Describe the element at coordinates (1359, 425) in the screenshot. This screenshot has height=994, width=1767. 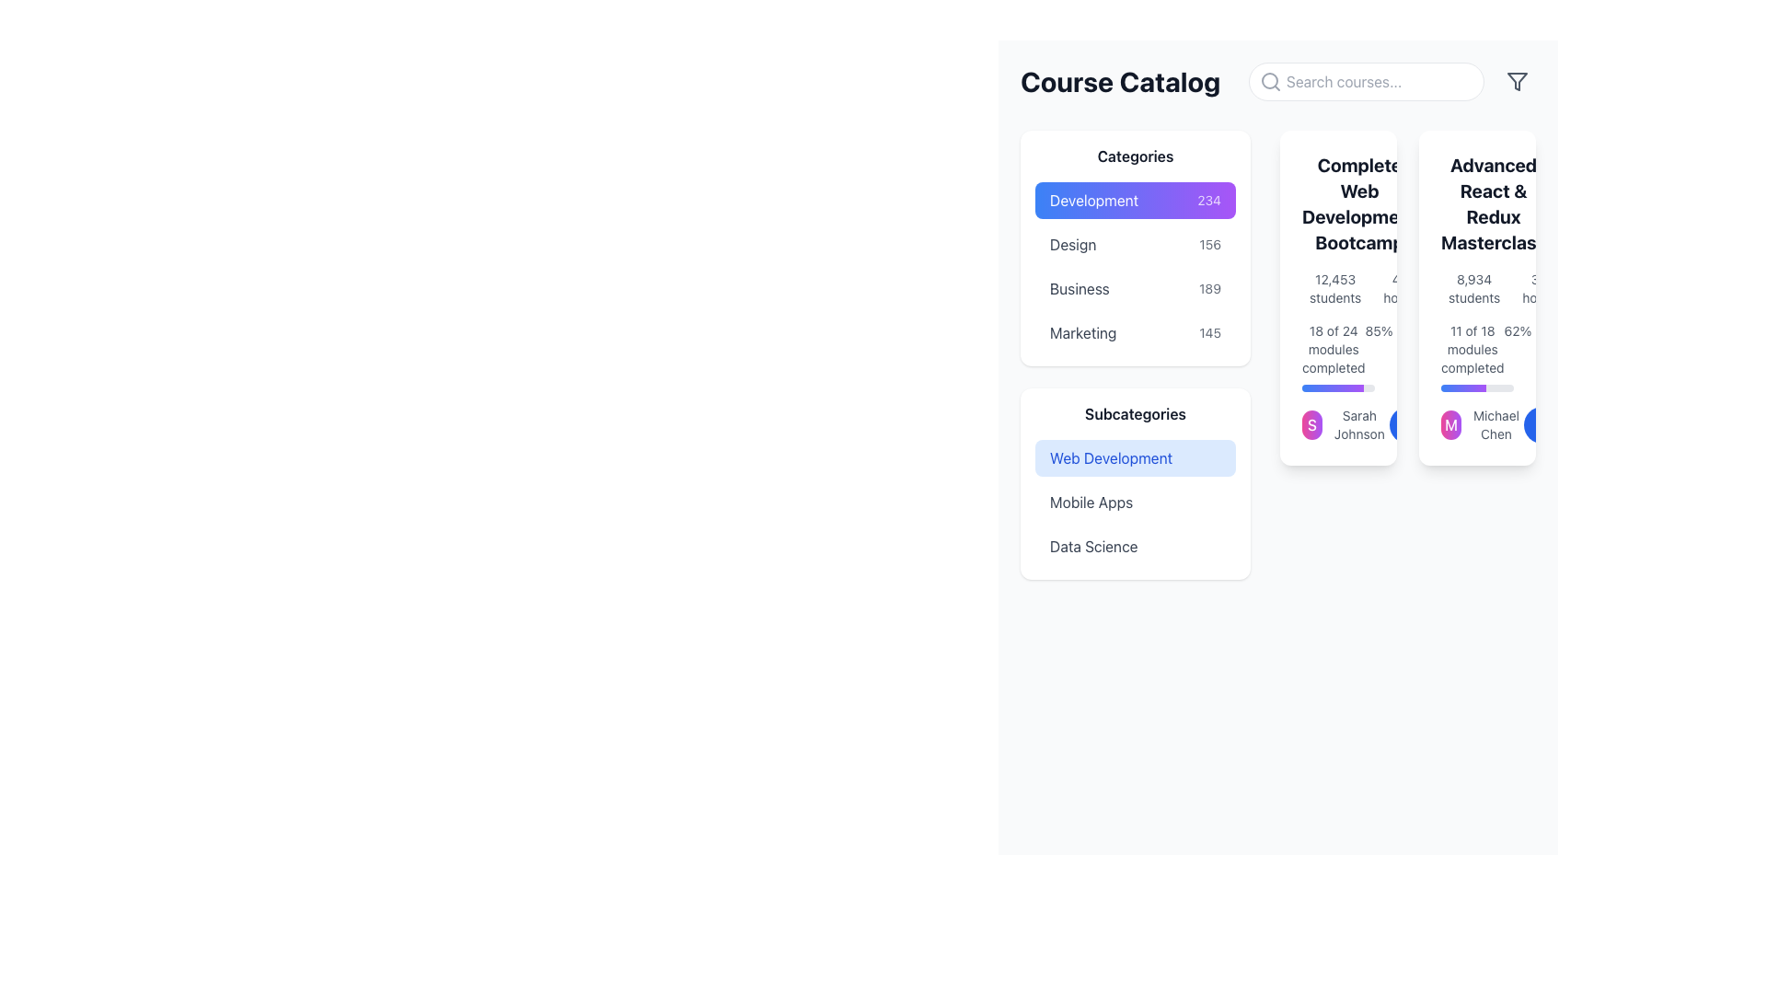
I see `the text label displaying 'Sarah Johnson', which is styled in gray and positioned to the right of the circular avatar with the letter 'S'` at that location.